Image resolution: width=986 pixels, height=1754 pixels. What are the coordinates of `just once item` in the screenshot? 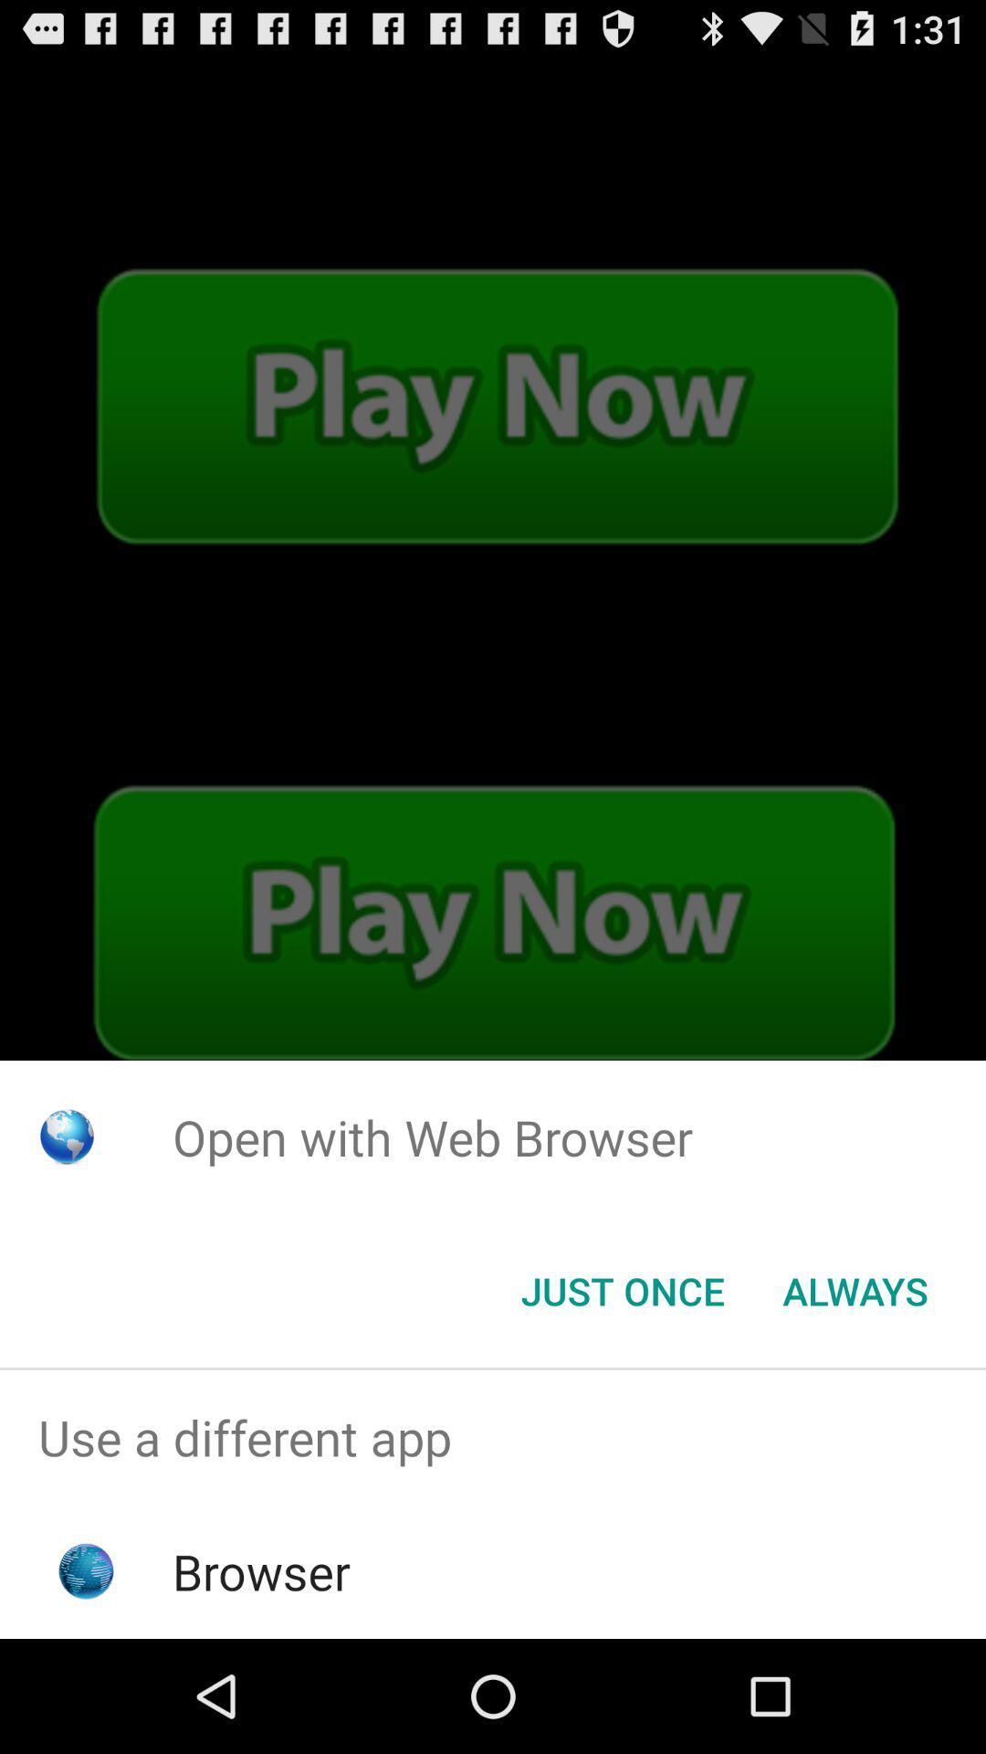 It's located at (622, 1289).